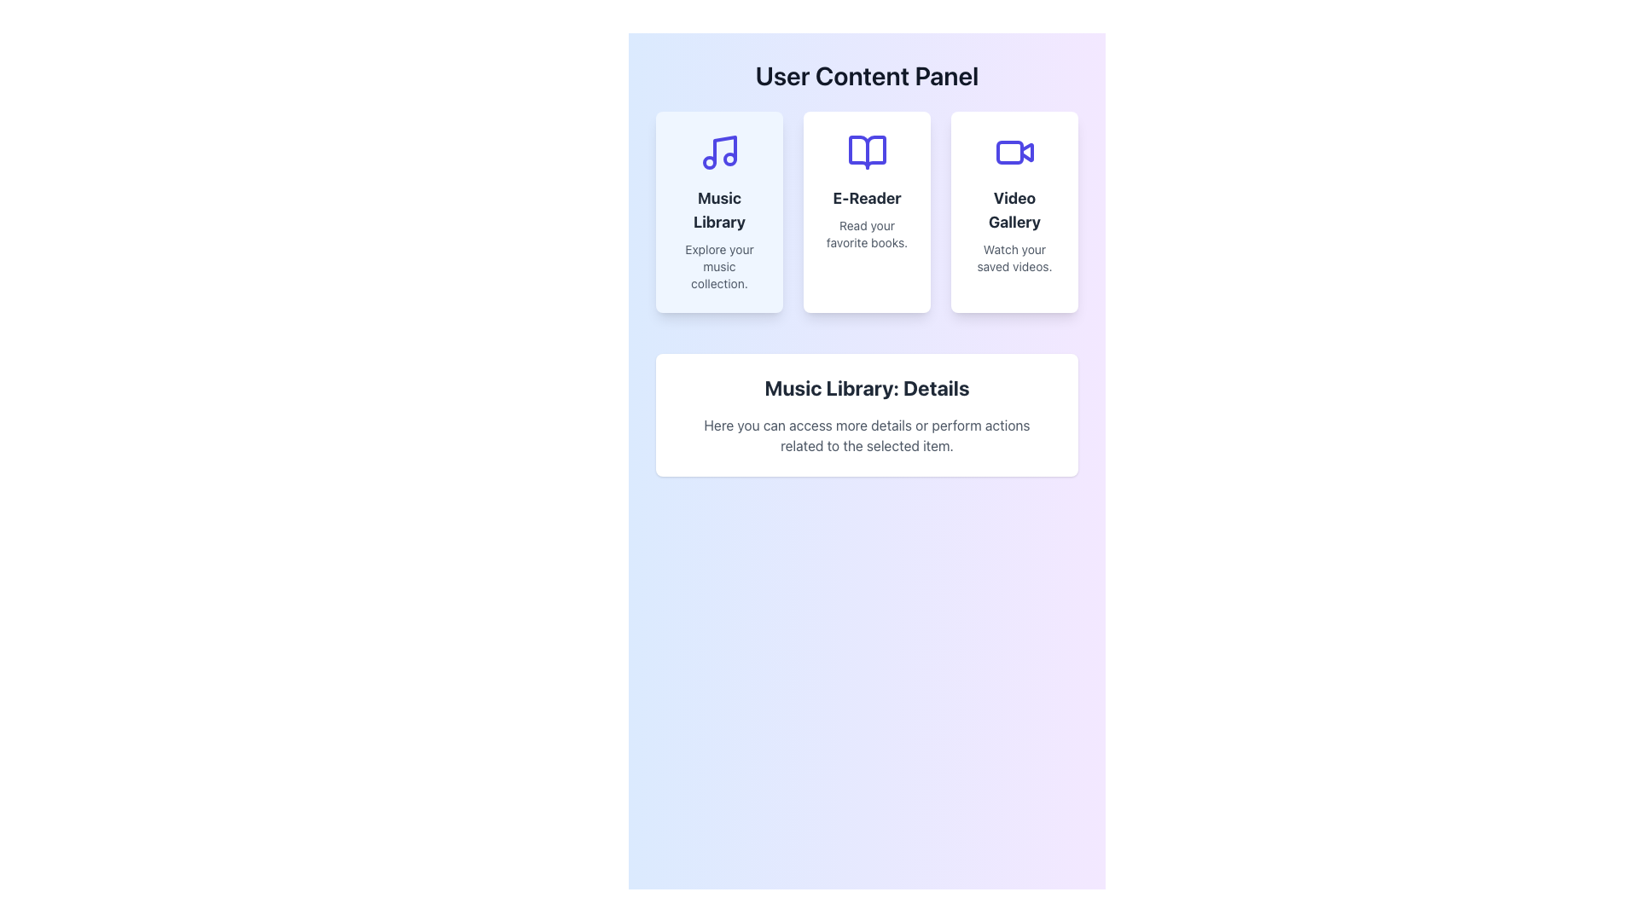 Image resolution: width=1638 pixels, height=921 pixels. I want to click on left vertical line of the music note icon within the 'Music Library' card, which visually represents a part of the music note graphic, so click(724, 149).